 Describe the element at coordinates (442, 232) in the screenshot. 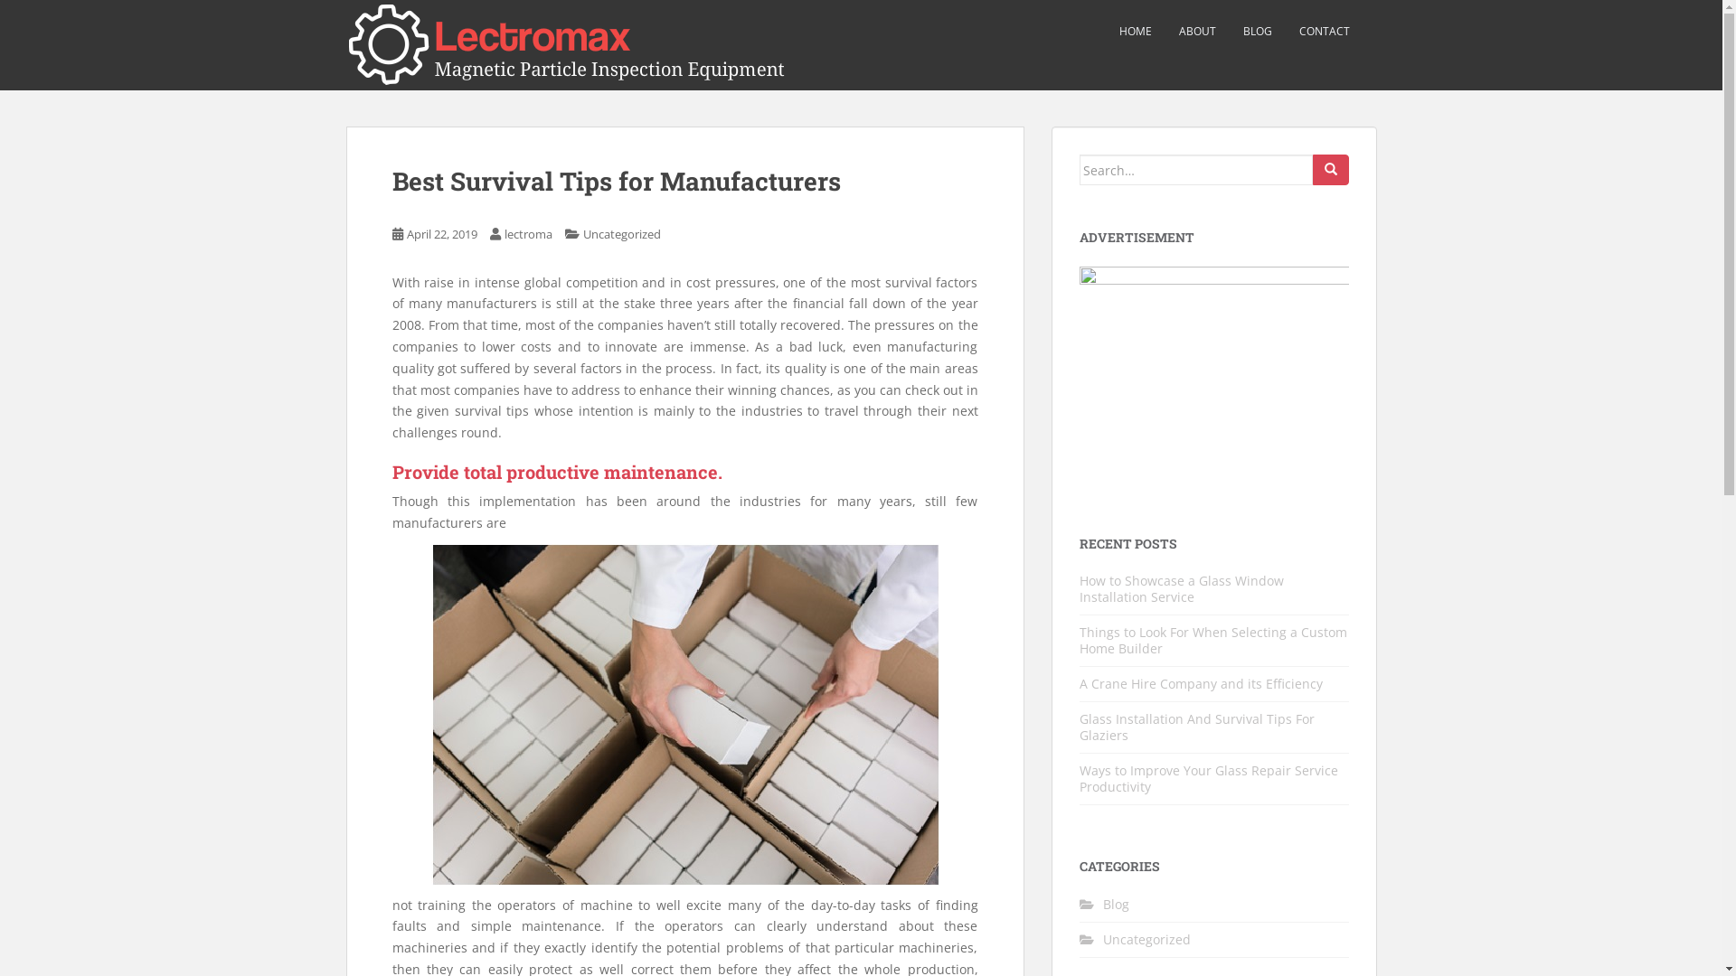

I see `'April 22, 2019'` at that location.